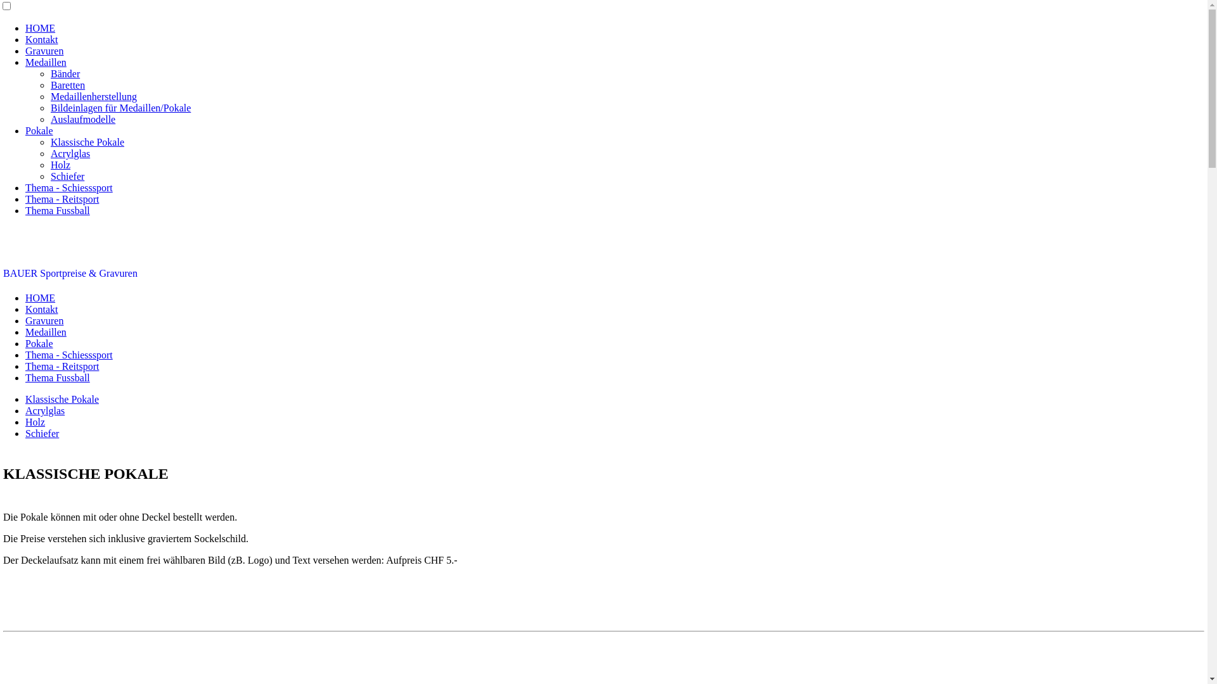 This screenshot has width=1217, height=684. I want to click on 'Auslaufmodelle', so click(82, 119).